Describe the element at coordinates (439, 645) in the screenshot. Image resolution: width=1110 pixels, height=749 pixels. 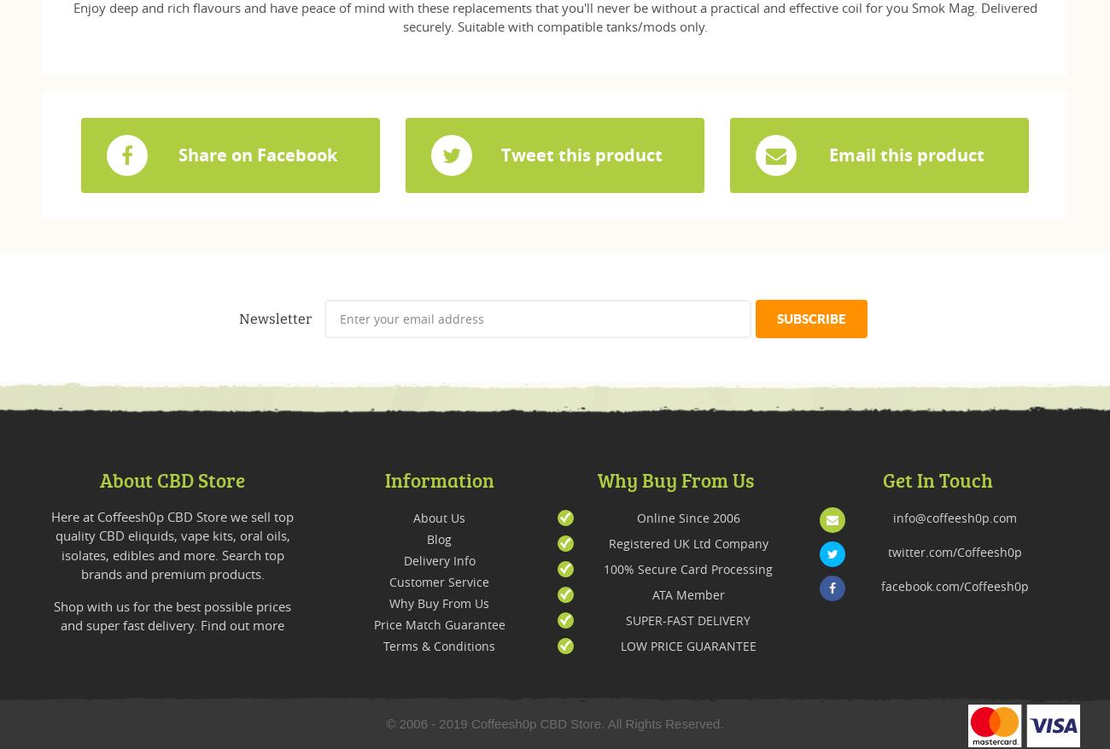
I see `'Terms & Conditions'` at that location.